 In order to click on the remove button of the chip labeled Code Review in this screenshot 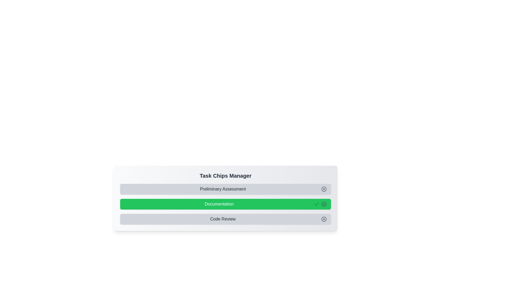, I will do `click(324, 219)`.